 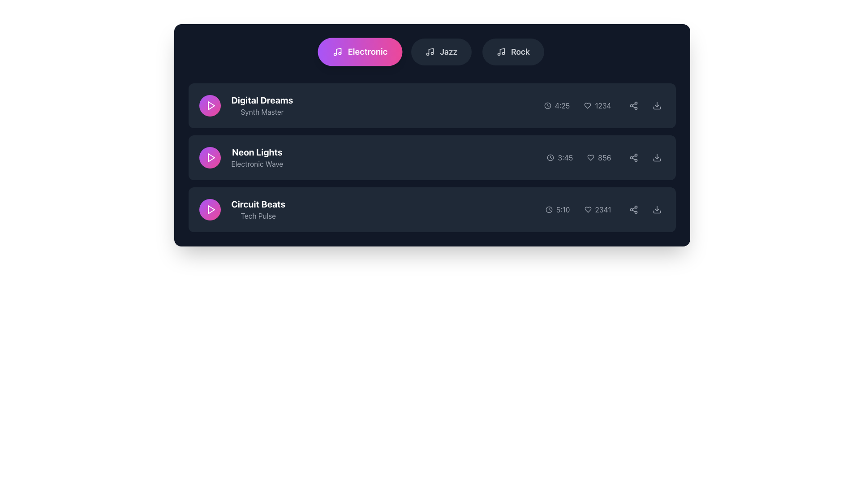 I want to click on the 'Jazz' button, which is the second button in a horizontal group of buttons, featuring a musical note icon and bold white text on a dark gray background, so click(x=441, y=52).